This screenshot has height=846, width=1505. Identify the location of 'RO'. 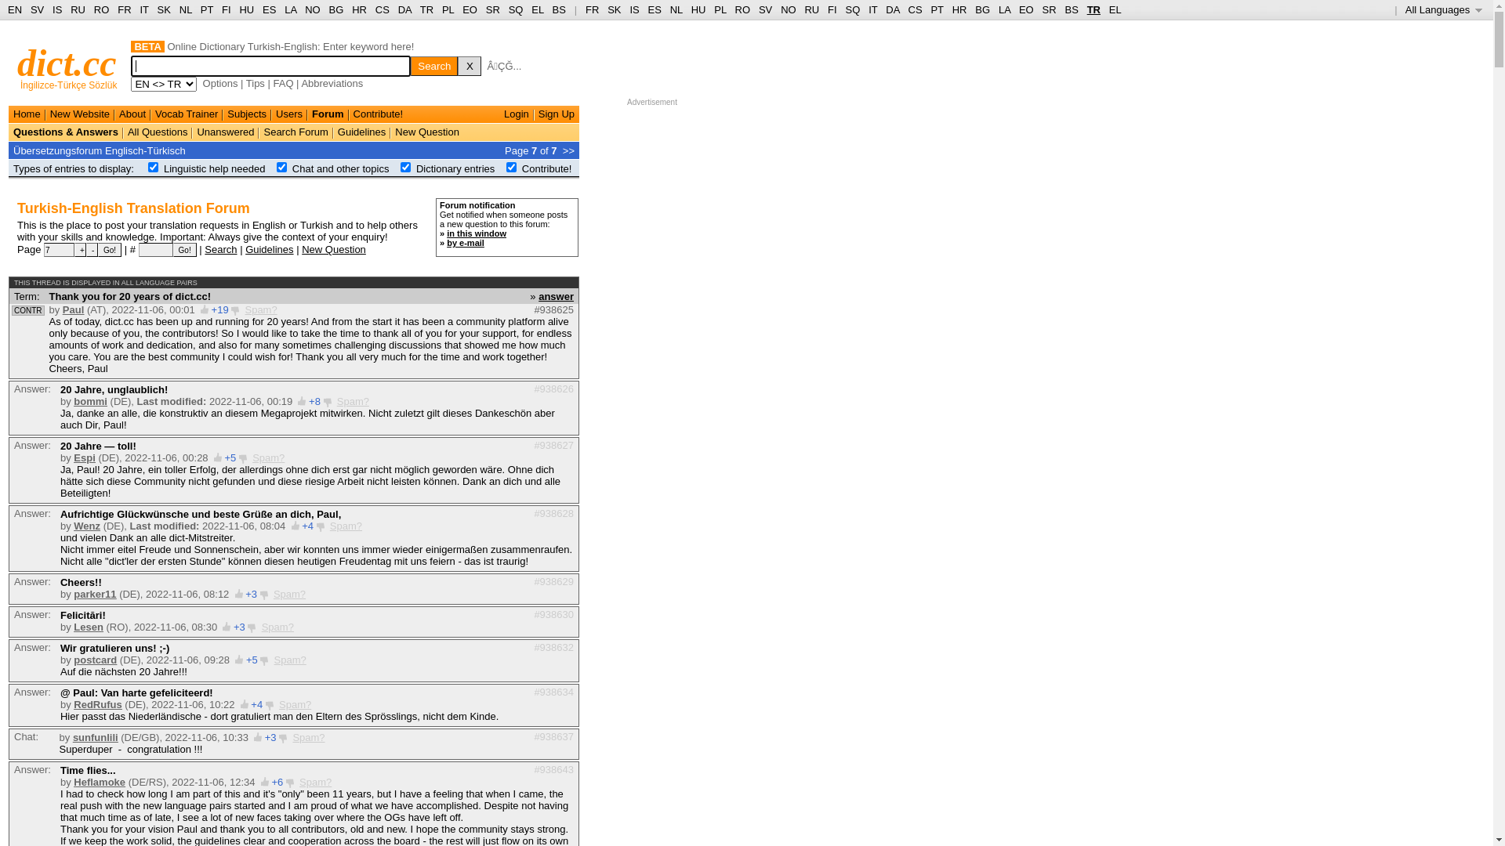
(100, 9).